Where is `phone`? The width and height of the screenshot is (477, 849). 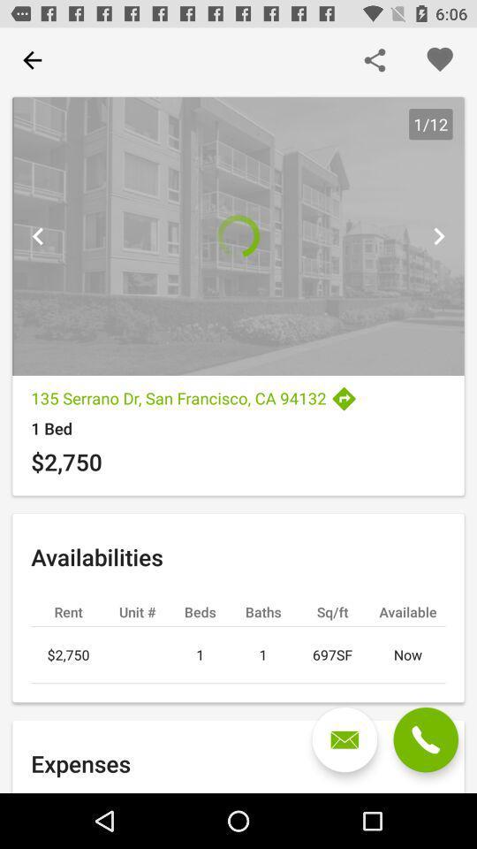 phone is located at coordinates (425, 739).